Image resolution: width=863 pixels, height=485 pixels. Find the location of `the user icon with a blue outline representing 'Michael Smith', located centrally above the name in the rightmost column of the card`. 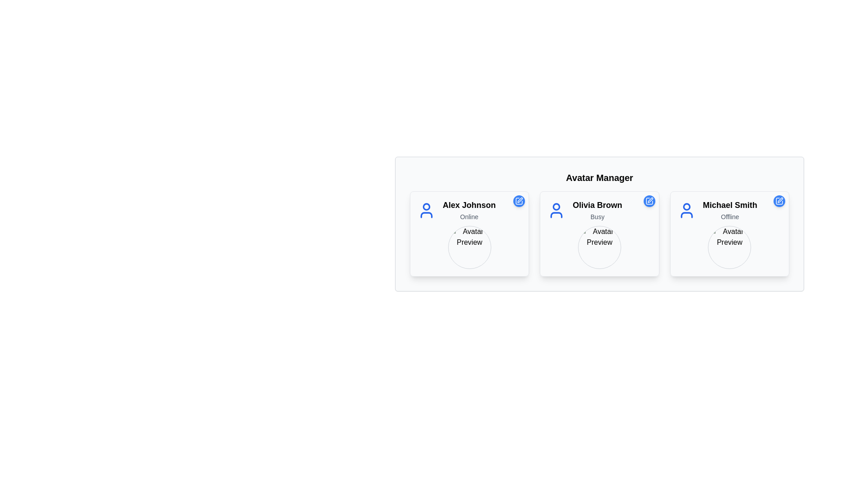

the user icon with a blue outline representing 'Michael Smith', located centrally above the name in the rightmost column of the card is located at coordinates (686, 211).